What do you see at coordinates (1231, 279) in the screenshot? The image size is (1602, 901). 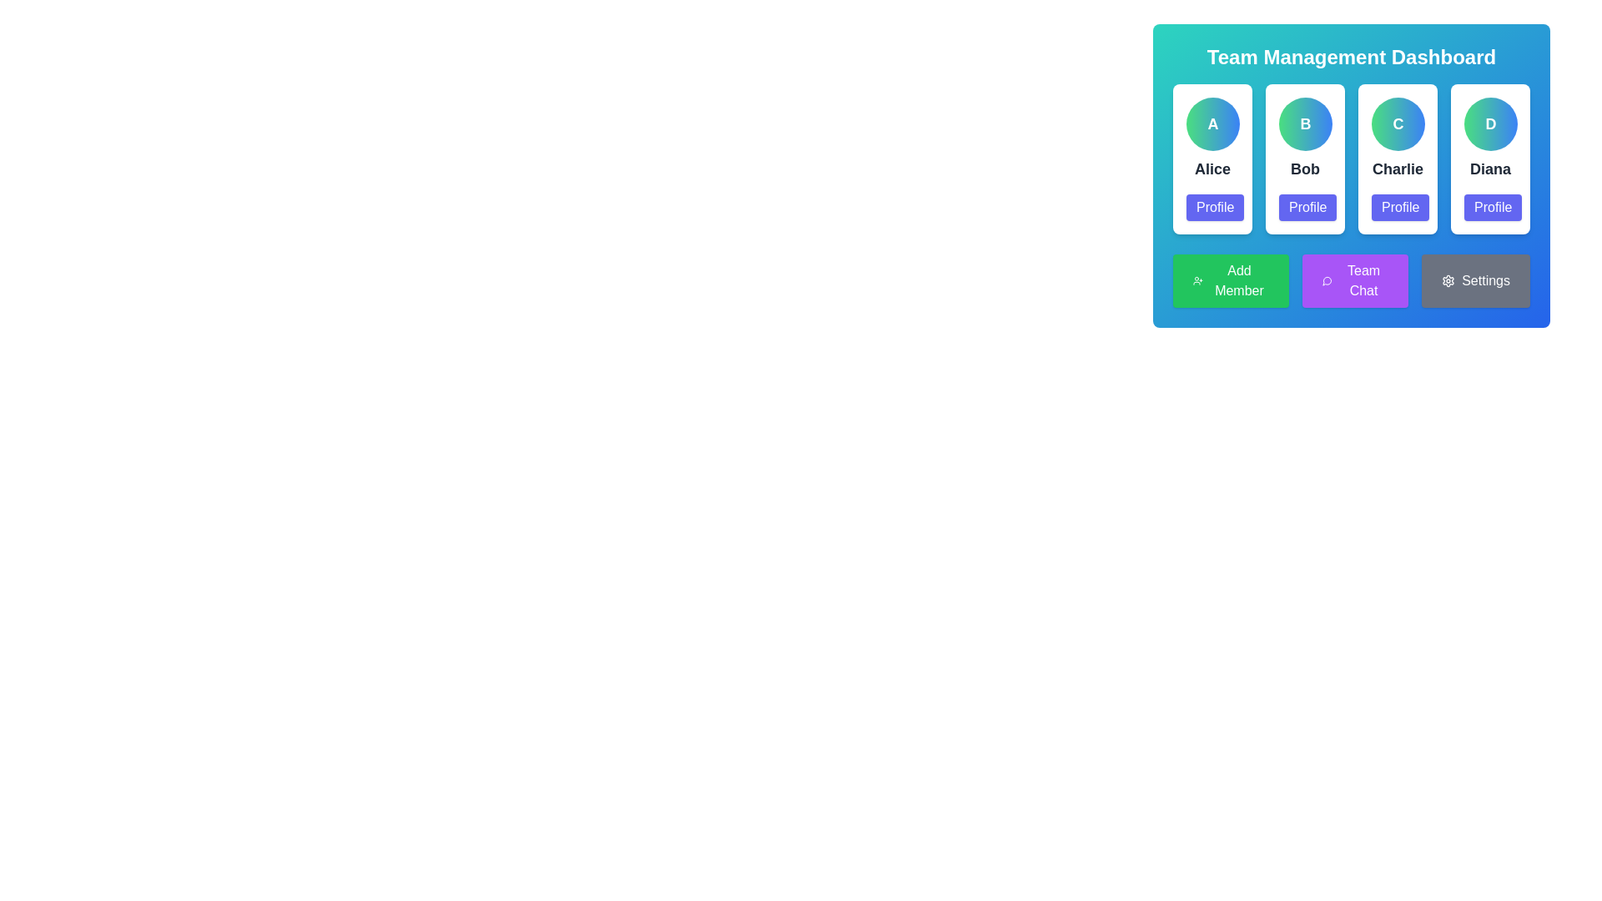 I see `the green 'Add Member' button with rounded corners` at bounding box center [1231, 279].